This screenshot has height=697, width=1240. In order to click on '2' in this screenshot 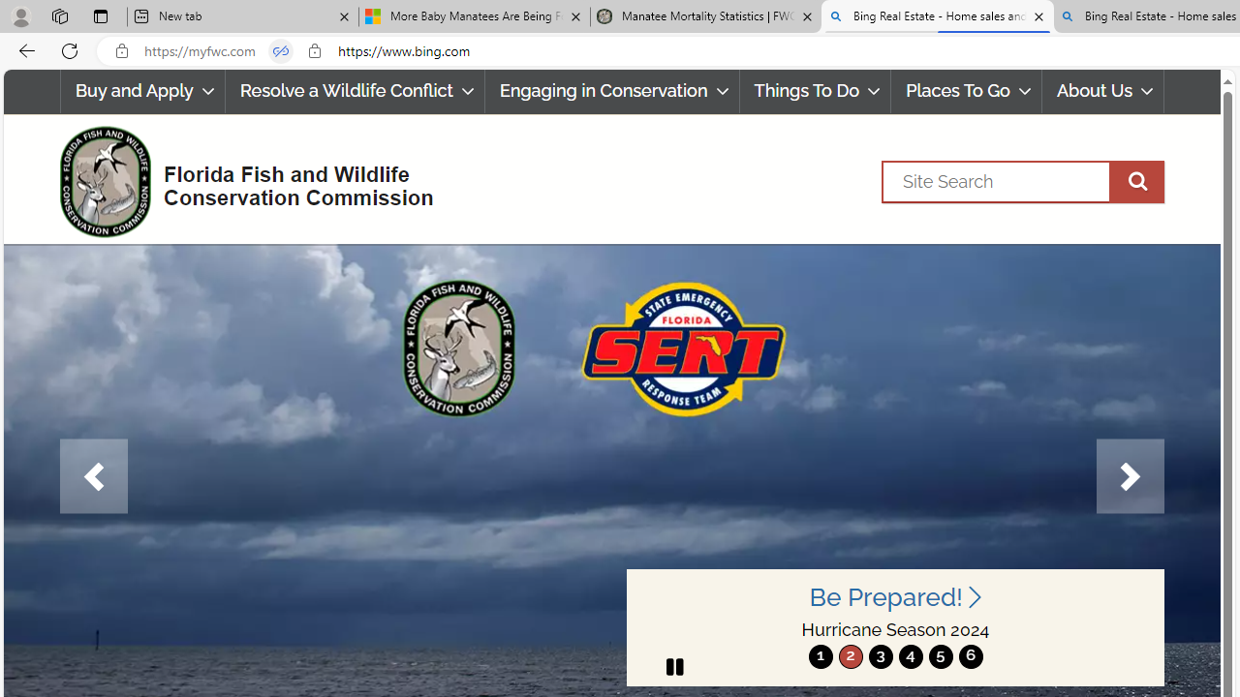, I will do `click(851, 655)`.